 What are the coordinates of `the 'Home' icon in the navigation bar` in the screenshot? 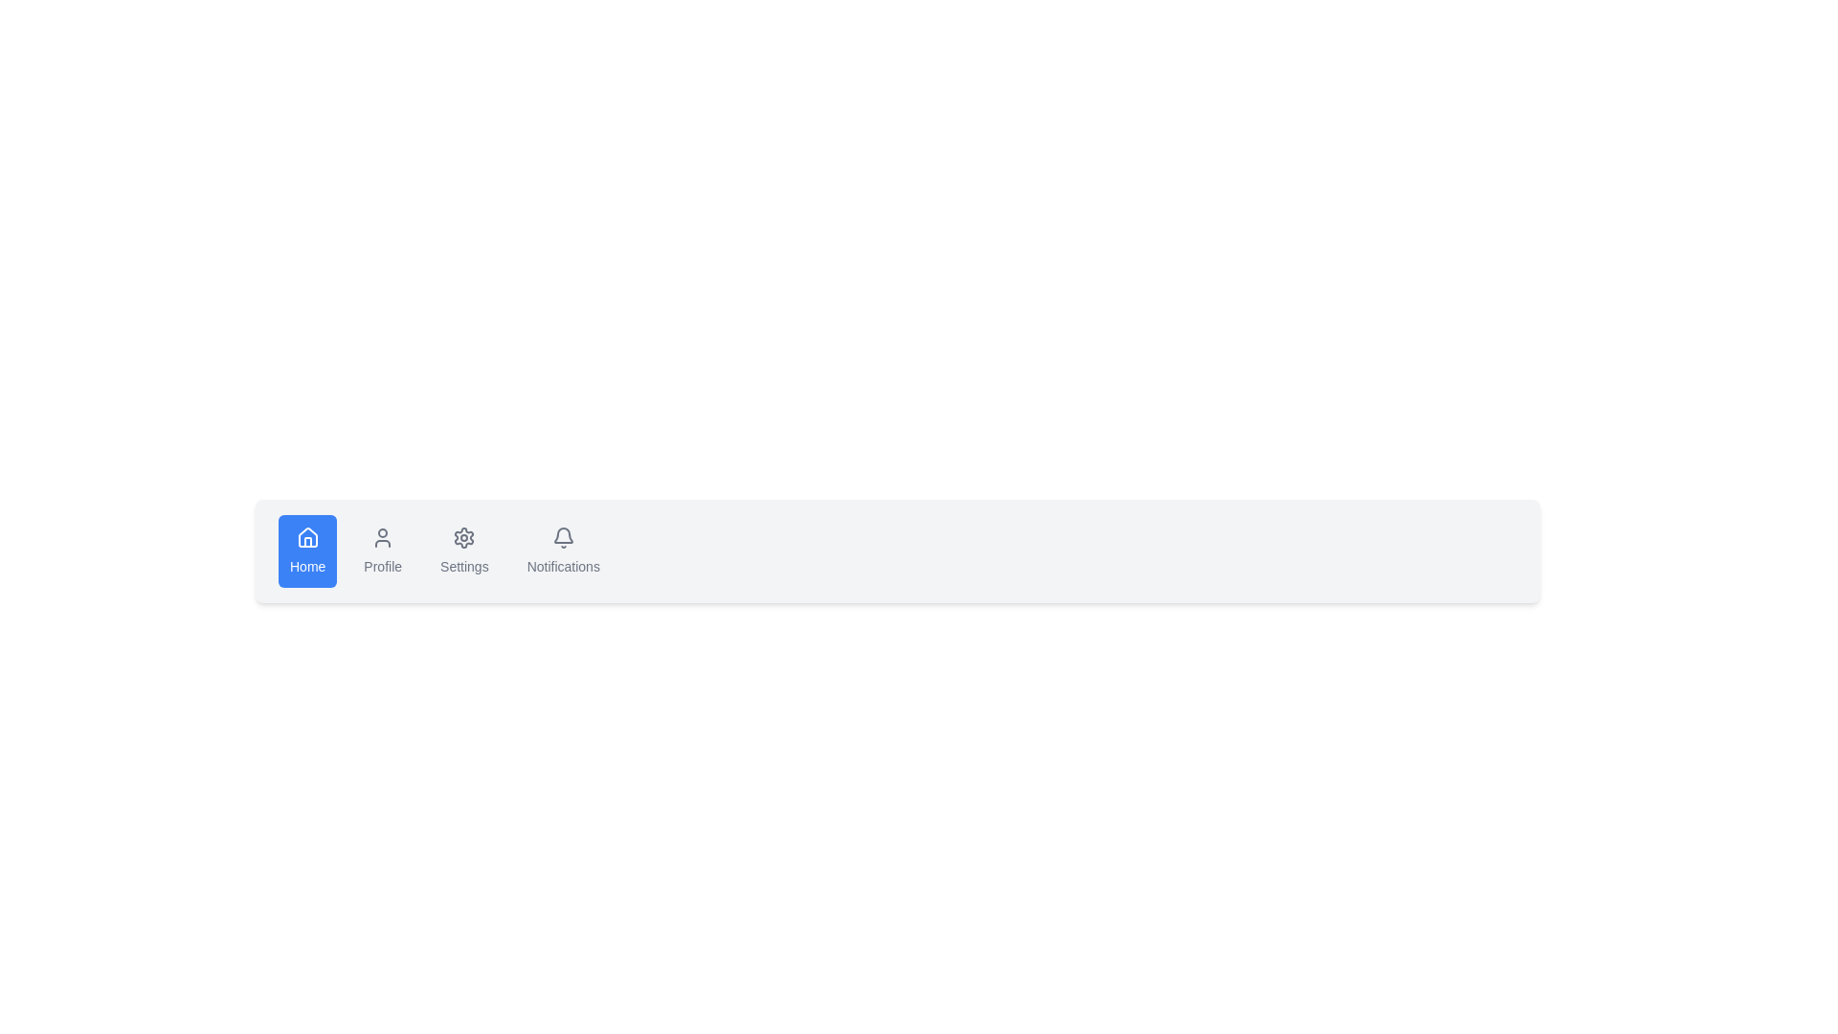 It's located at (307, 538).